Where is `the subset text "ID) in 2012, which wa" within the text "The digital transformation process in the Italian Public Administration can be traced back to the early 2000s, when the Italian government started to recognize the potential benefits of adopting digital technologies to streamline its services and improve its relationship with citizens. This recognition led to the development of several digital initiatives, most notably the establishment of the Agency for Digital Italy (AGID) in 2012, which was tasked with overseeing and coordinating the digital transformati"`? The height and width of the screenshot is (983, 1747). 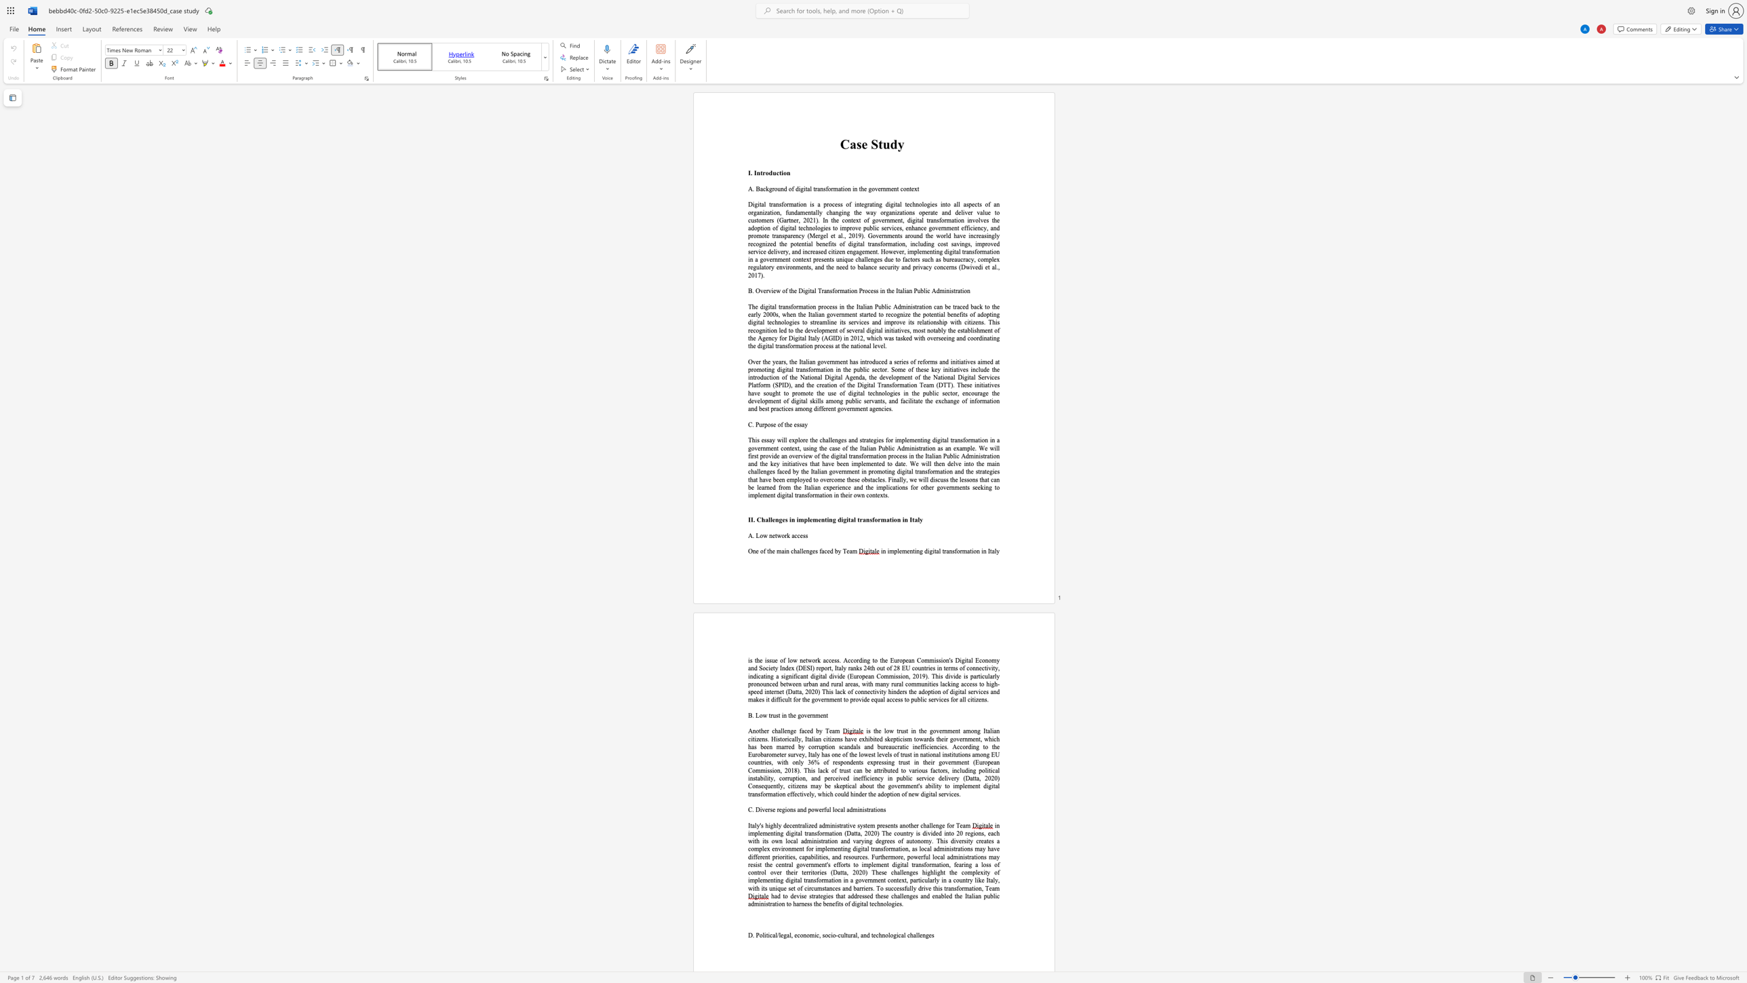 the subset text "ID) in 2012, which wa" within the text "The digital transformation process in the Italian Public Administration can be traced back to the early 2000s, when the Italian government started to recognize the potential benefits of adopting digital technologies to streamline its services and improve its relationship with citizens. This recognition led to the development of several digital initiatives, most notably the establishment of the Agency for Digital Italy (AGID) in 2012, which was tasked with overseeing and coordinating the digital transformati" is located at coordinates (832, 337).